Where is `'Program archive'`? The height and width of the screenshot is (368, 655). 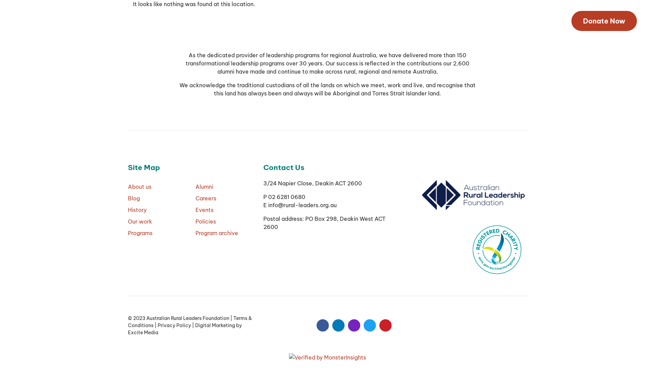
'Program archive' is located at coordinates (195, 232).